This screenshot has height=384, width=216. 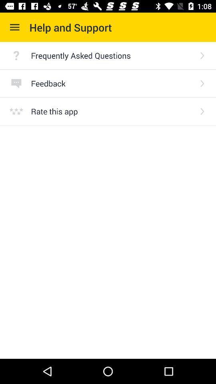 I want to click on the item to the left of the help and support, so click(x=14, y=27).